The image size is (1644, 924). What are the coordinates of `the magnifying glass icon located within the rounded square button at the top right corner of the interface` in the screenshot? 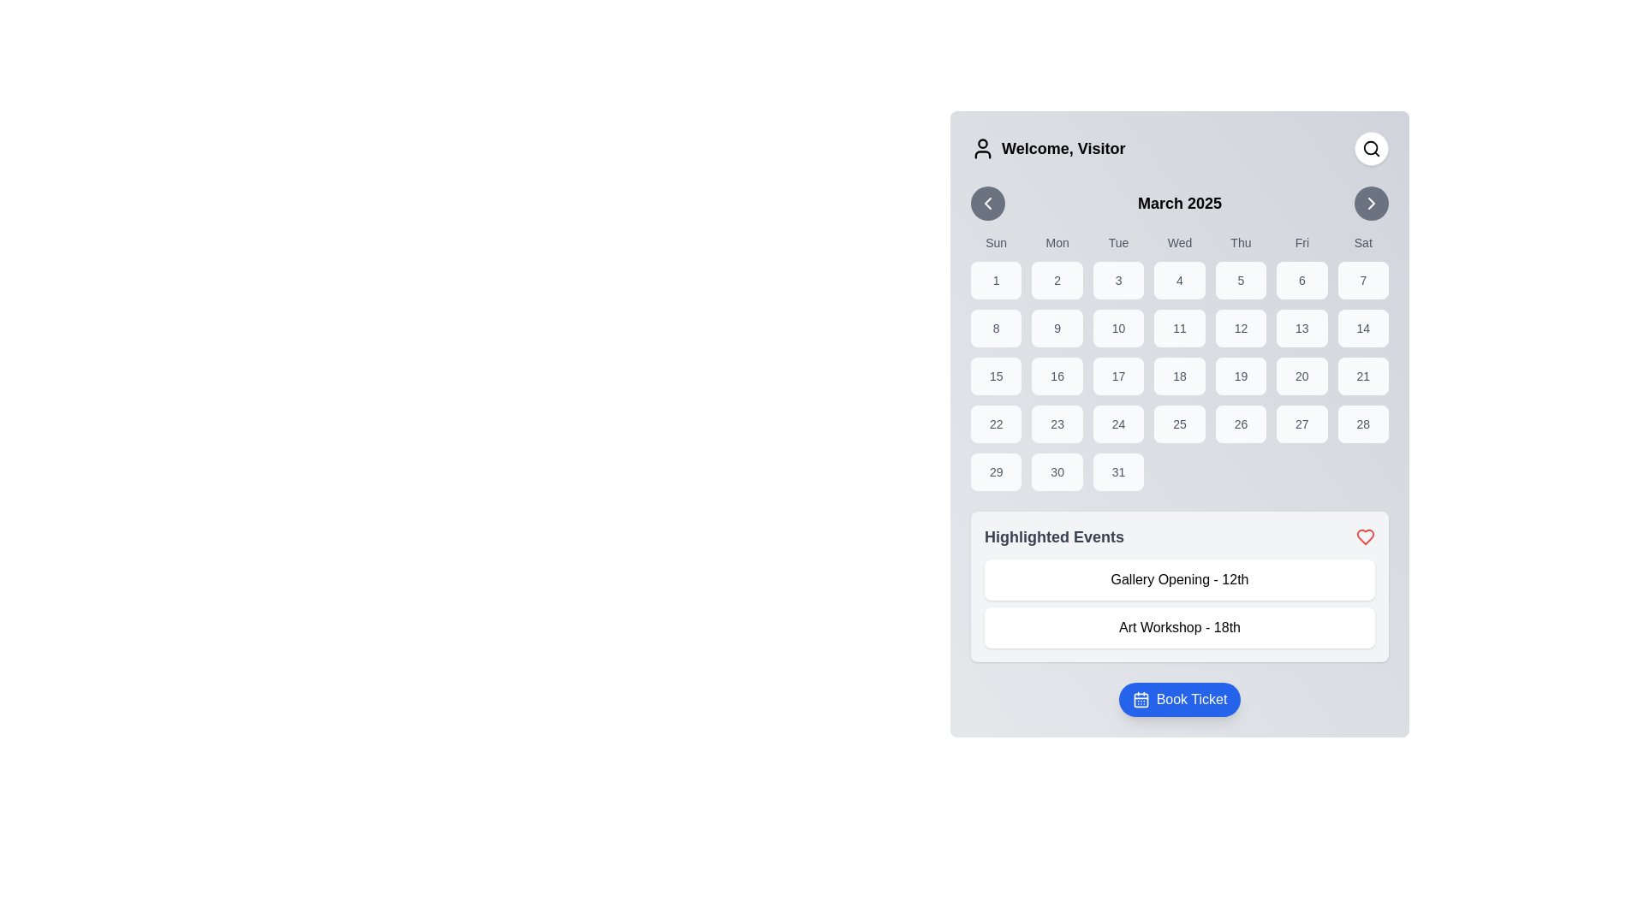 It's located at (1372, 147).